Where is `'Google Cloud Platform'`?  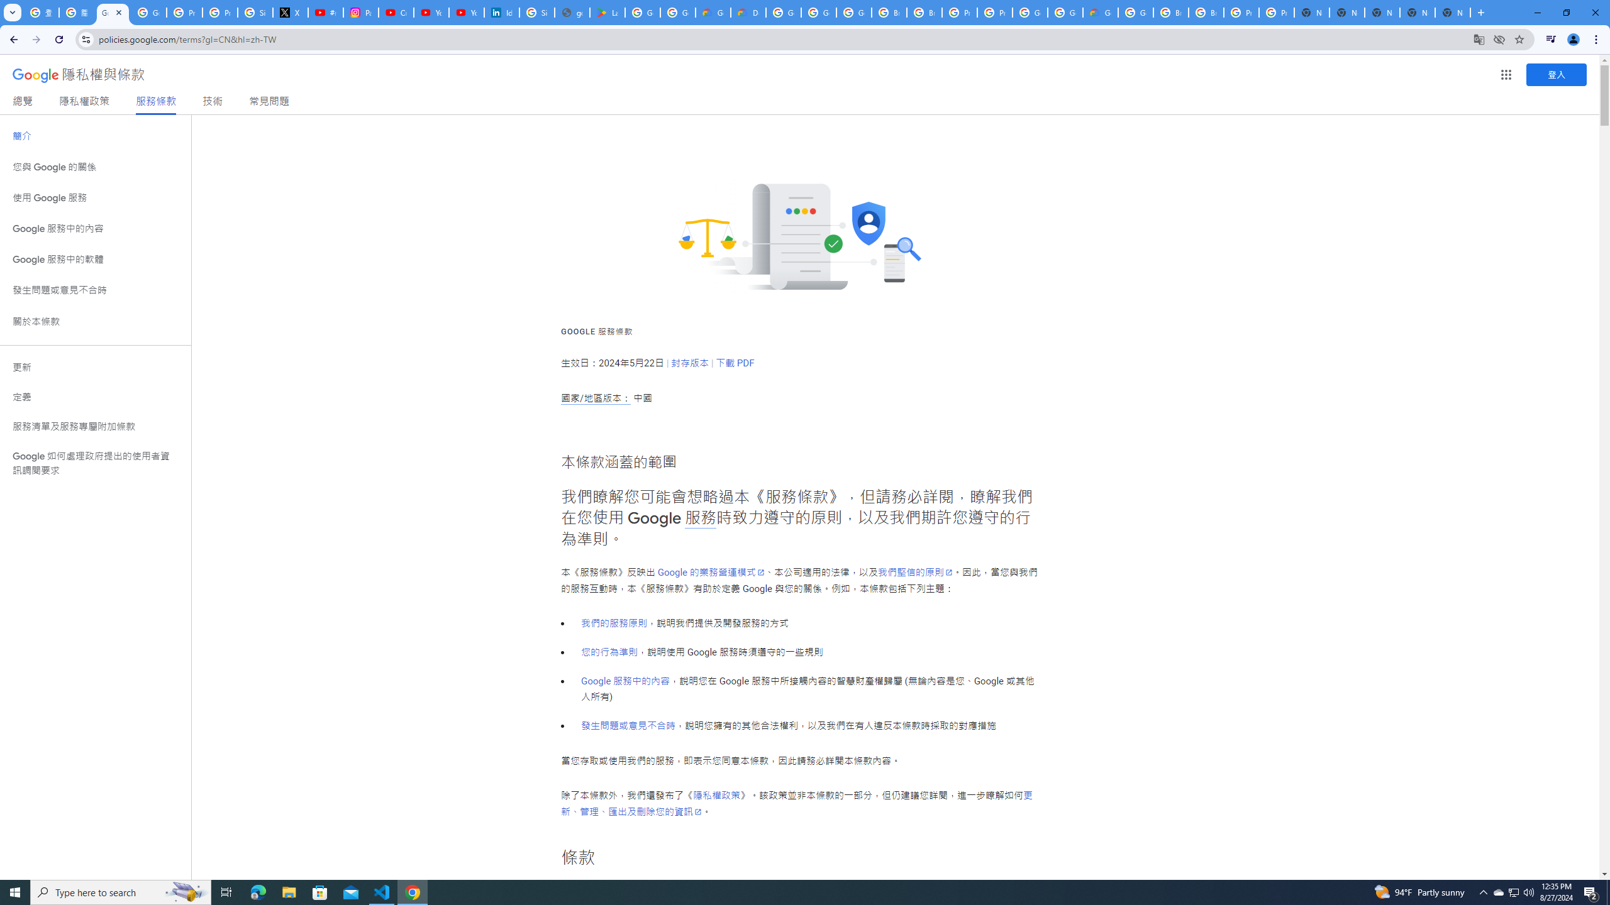
'Google Cloud Platform' is located at coordinates (1064, 12).